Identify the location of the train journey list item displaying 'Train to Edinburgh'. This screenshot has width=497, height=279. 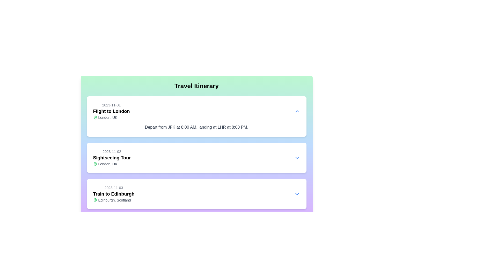
(113, 194).